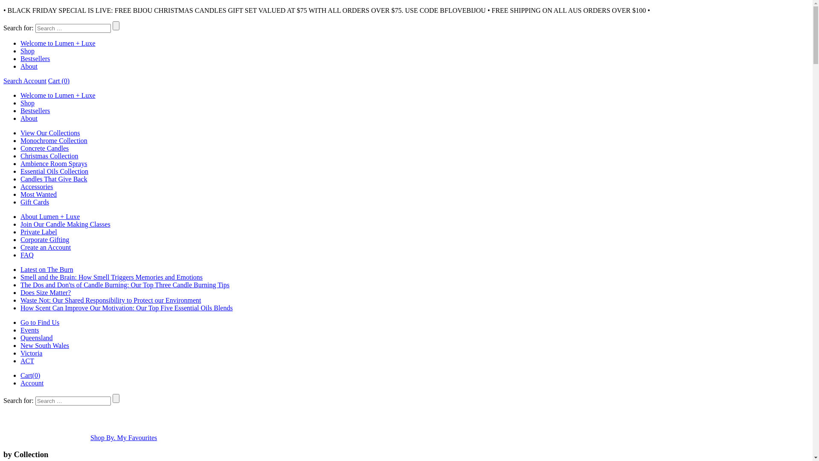  Describe the element at coordinates (27, 361) in the screenshot. I see `'ACT'` at that location.